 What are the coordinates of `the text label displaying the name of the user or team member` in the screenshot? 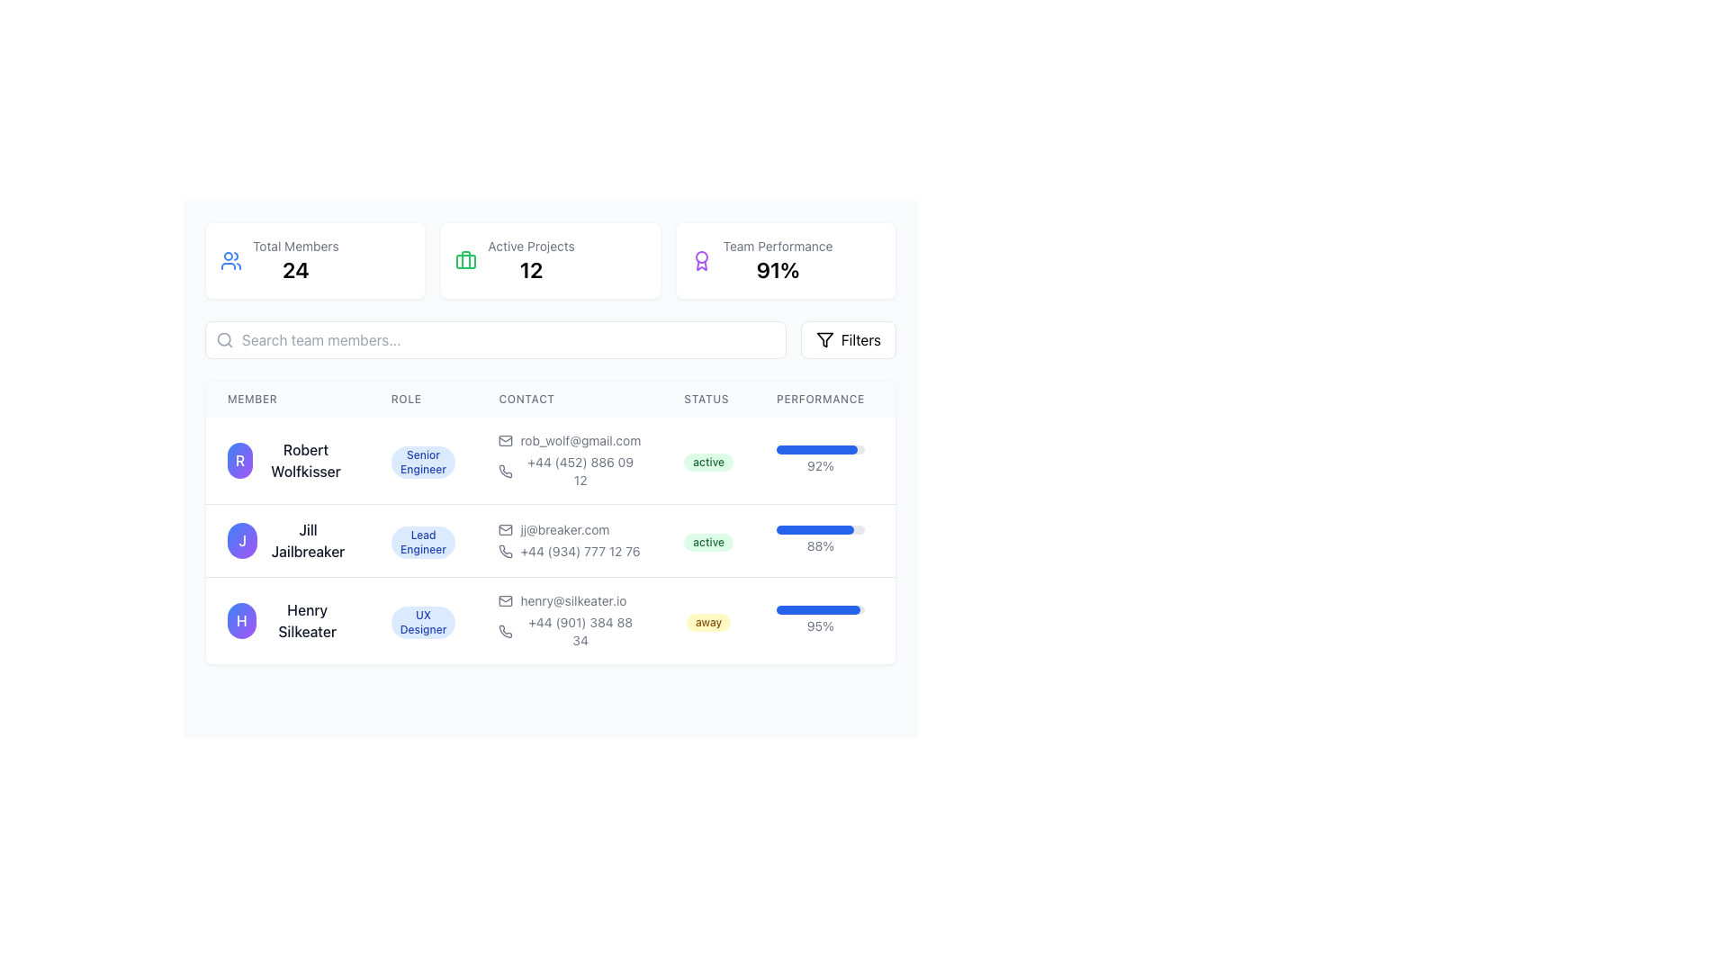 It's located at (307, 620).